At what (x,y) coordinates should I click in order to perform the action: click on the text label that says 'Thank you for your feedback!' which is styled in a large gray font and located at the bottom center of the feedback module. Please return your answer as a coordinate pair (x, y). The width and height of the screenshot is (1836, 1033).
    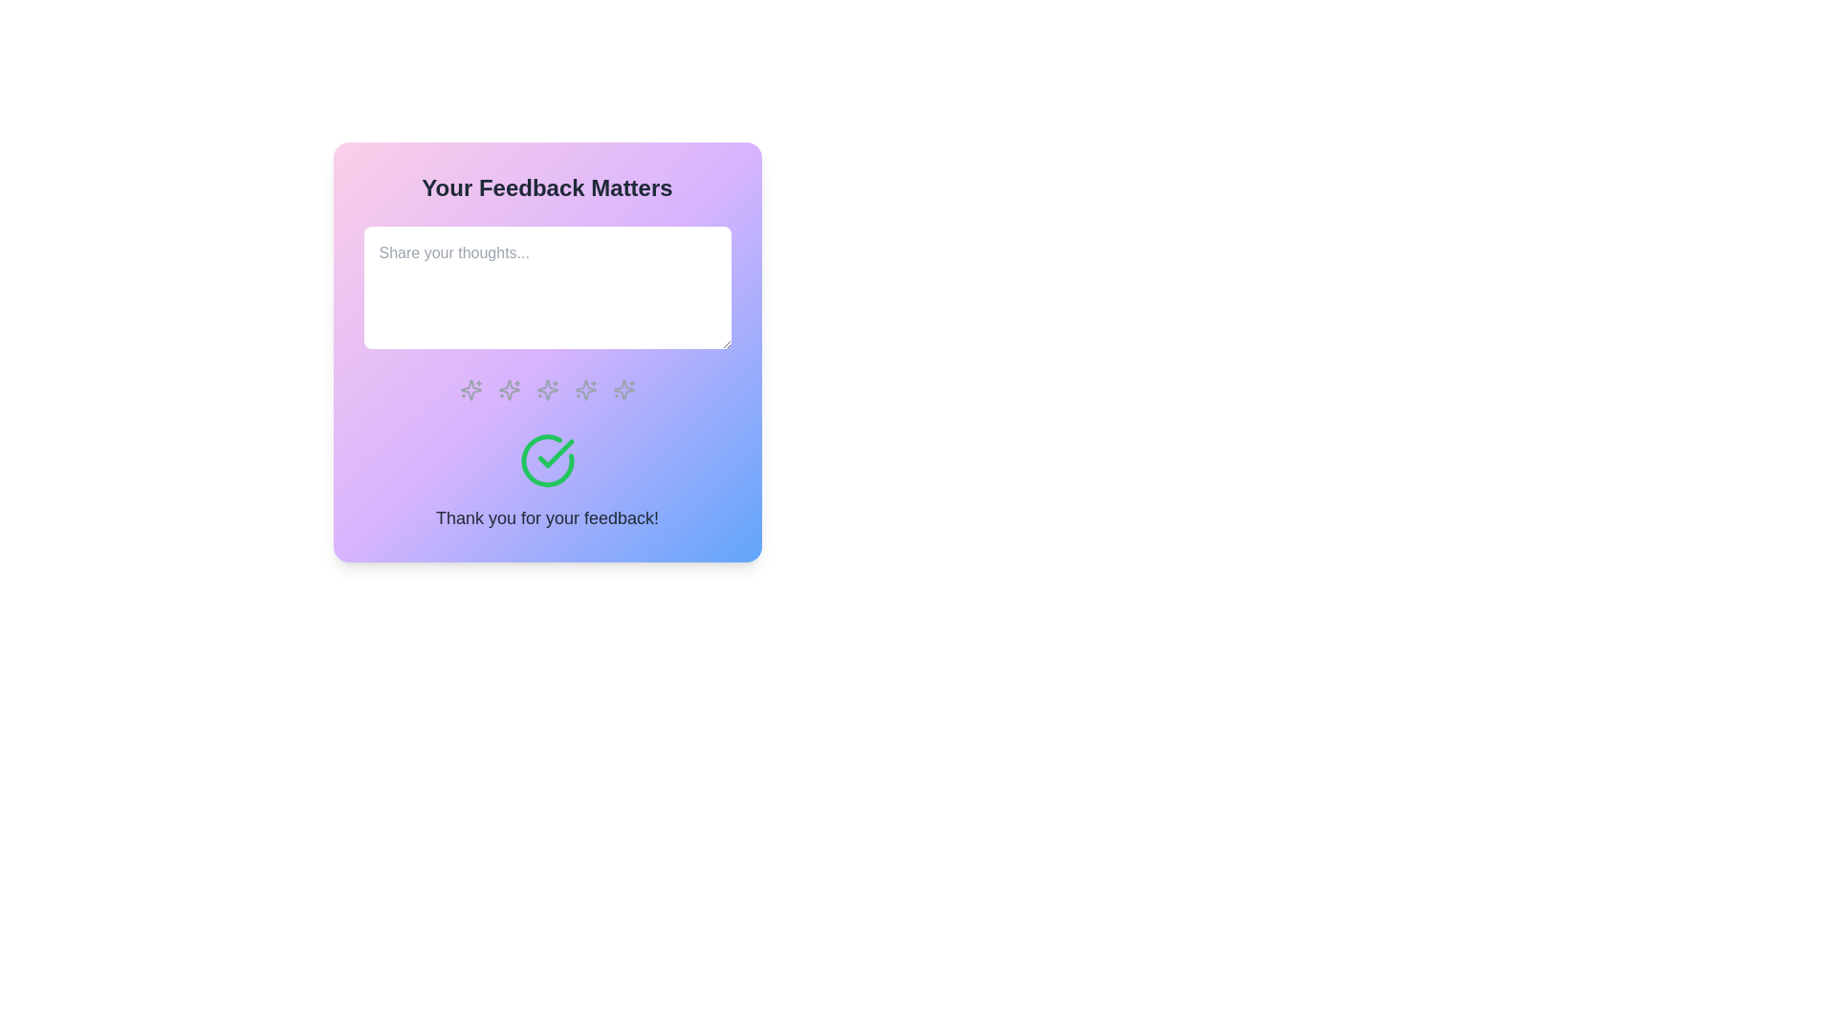
    Looking at the image, I should click on (546, 518).